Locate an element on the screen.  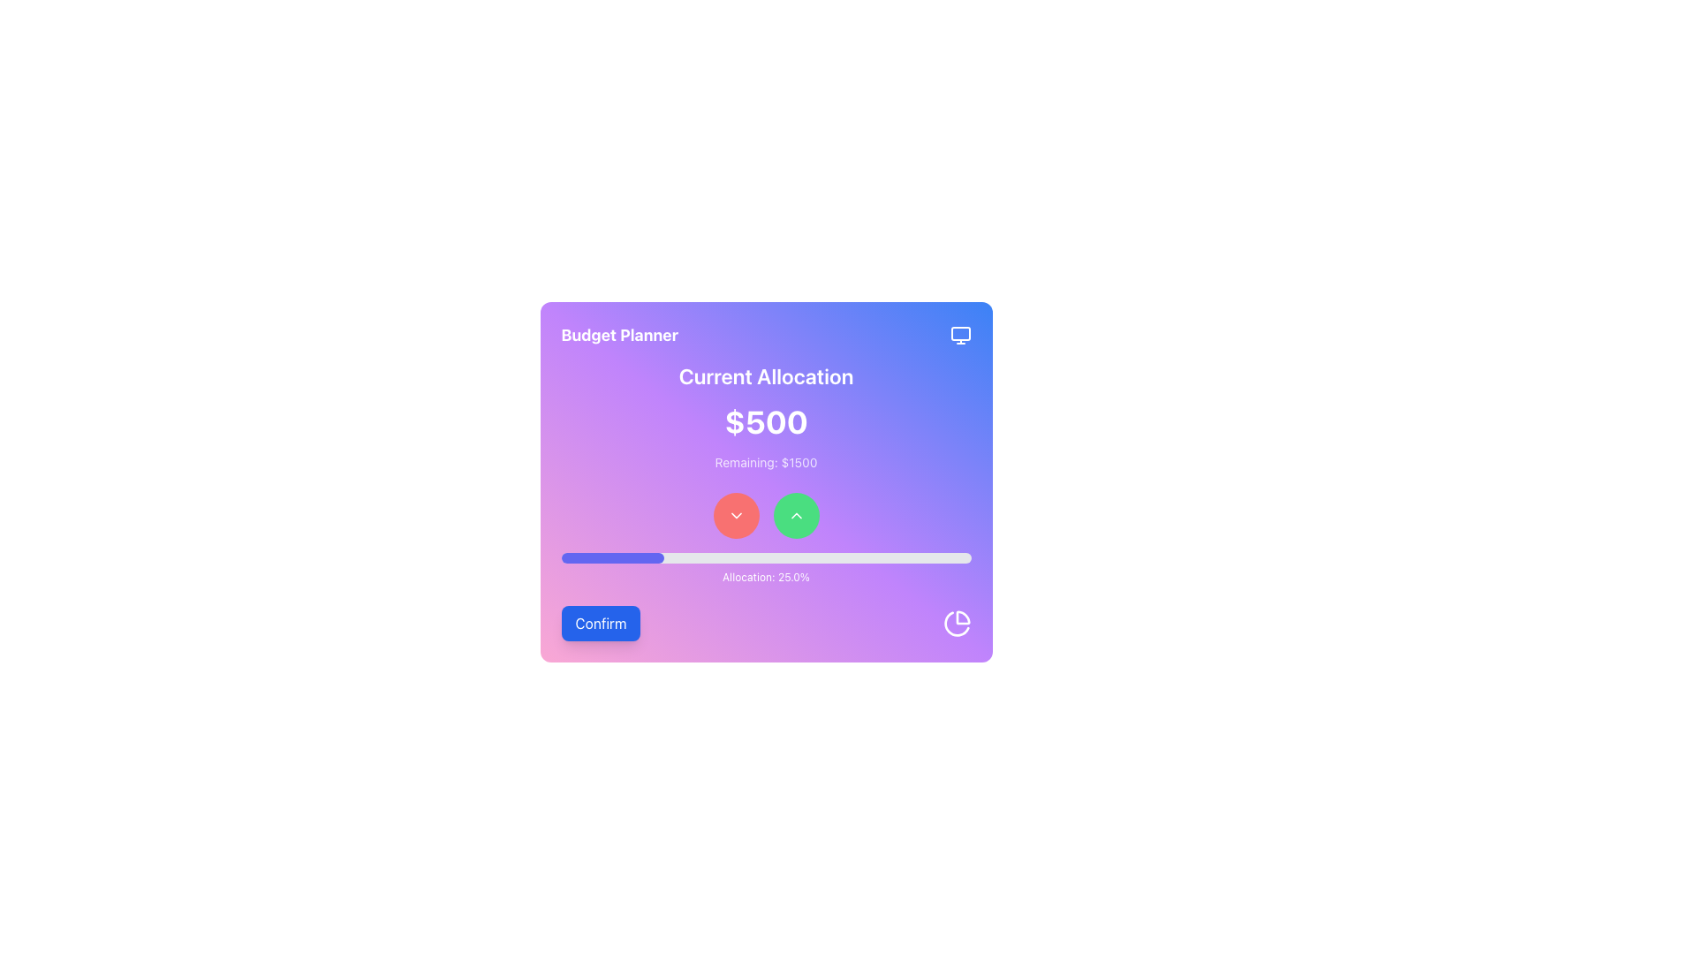
the circular green button with a white upward-pointing chevron is located at coordinates (795, 515).